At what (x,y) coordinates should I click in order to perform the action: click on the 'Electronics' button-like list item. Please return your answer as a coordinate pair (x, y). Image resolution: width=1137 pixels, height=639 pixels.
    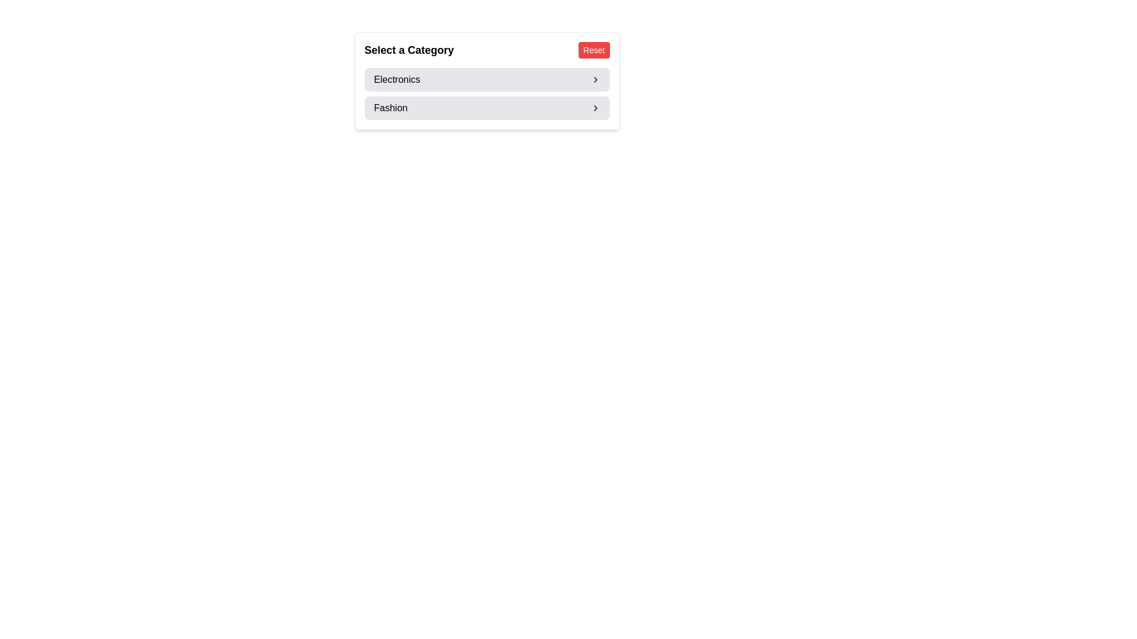
    Looking at the image, I should click on (487, 80).